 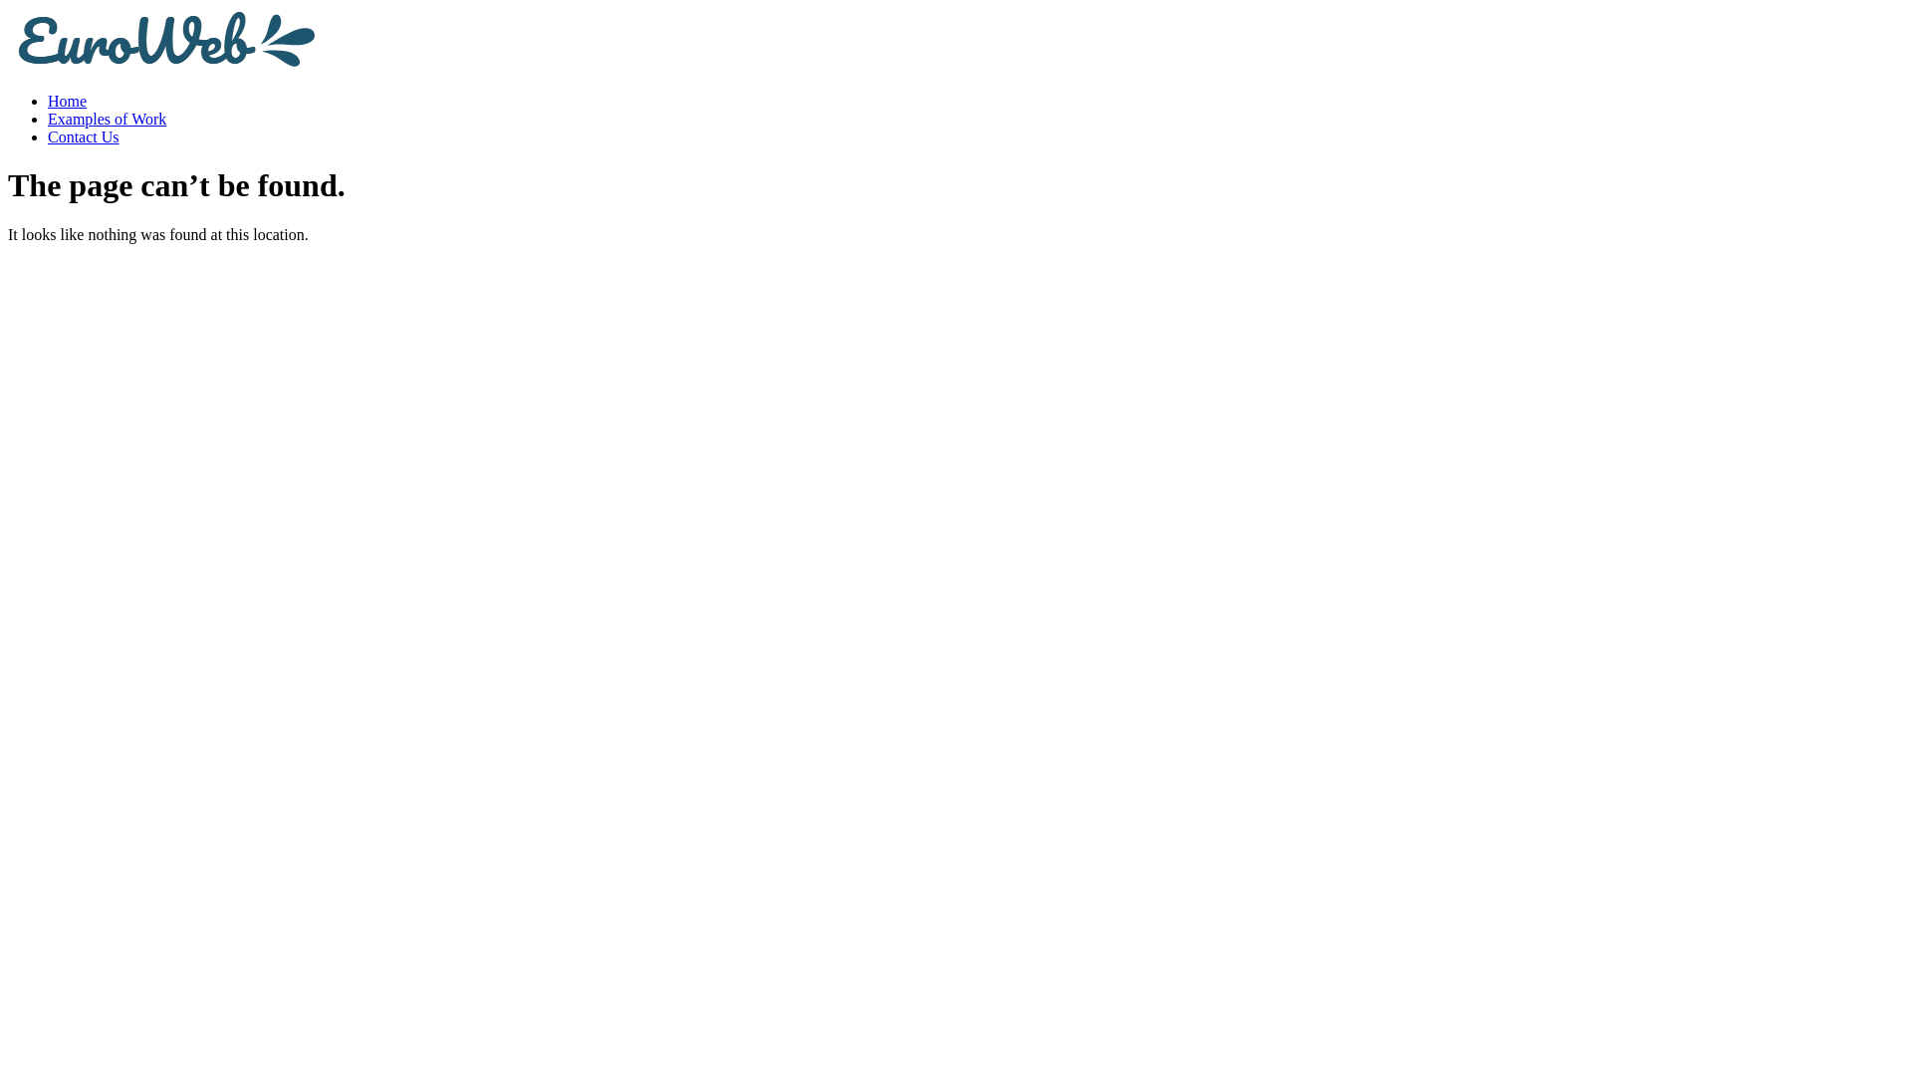 I want to click on 'Examples of Work', so click(x=106, y=119).